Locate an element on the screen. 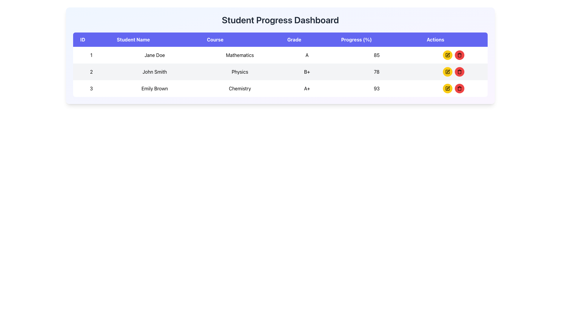 This screenshot has height=322, width=573. the 'Edit' button in the 'Actions' column of the first row is located at coordinates (447, 55).